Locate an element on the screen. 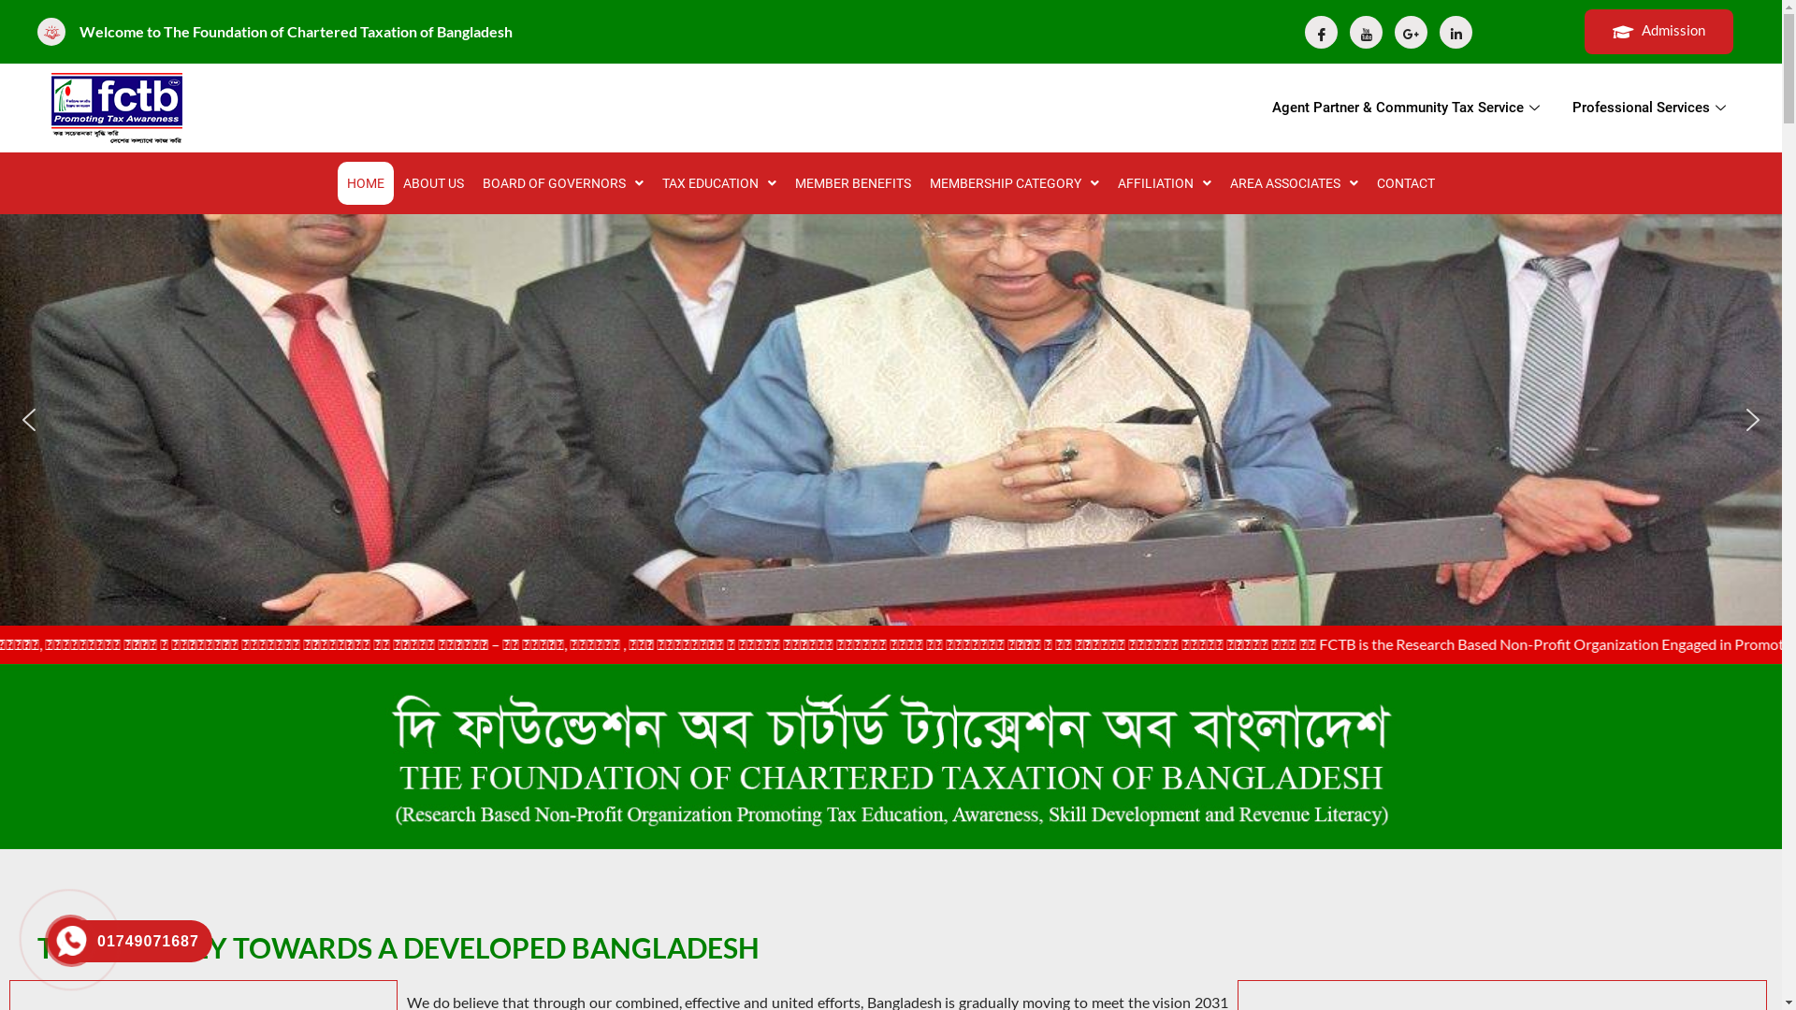 The width and height of the screenshot is (1796, 1010). 'Agent Partner & Community Tax Service' is located at coordinates (1408, 108).